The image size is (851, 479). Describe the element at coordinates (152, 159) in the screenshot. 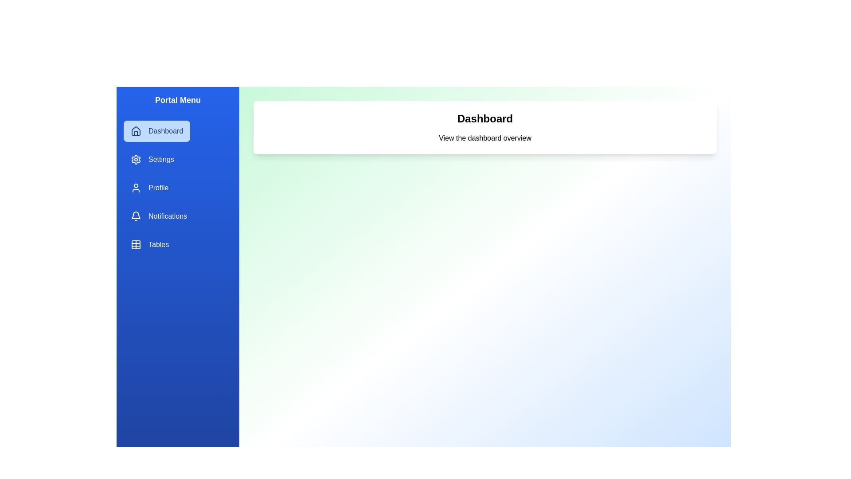

I see `the menu option Settings to navigate to the corresponding section` at that location.